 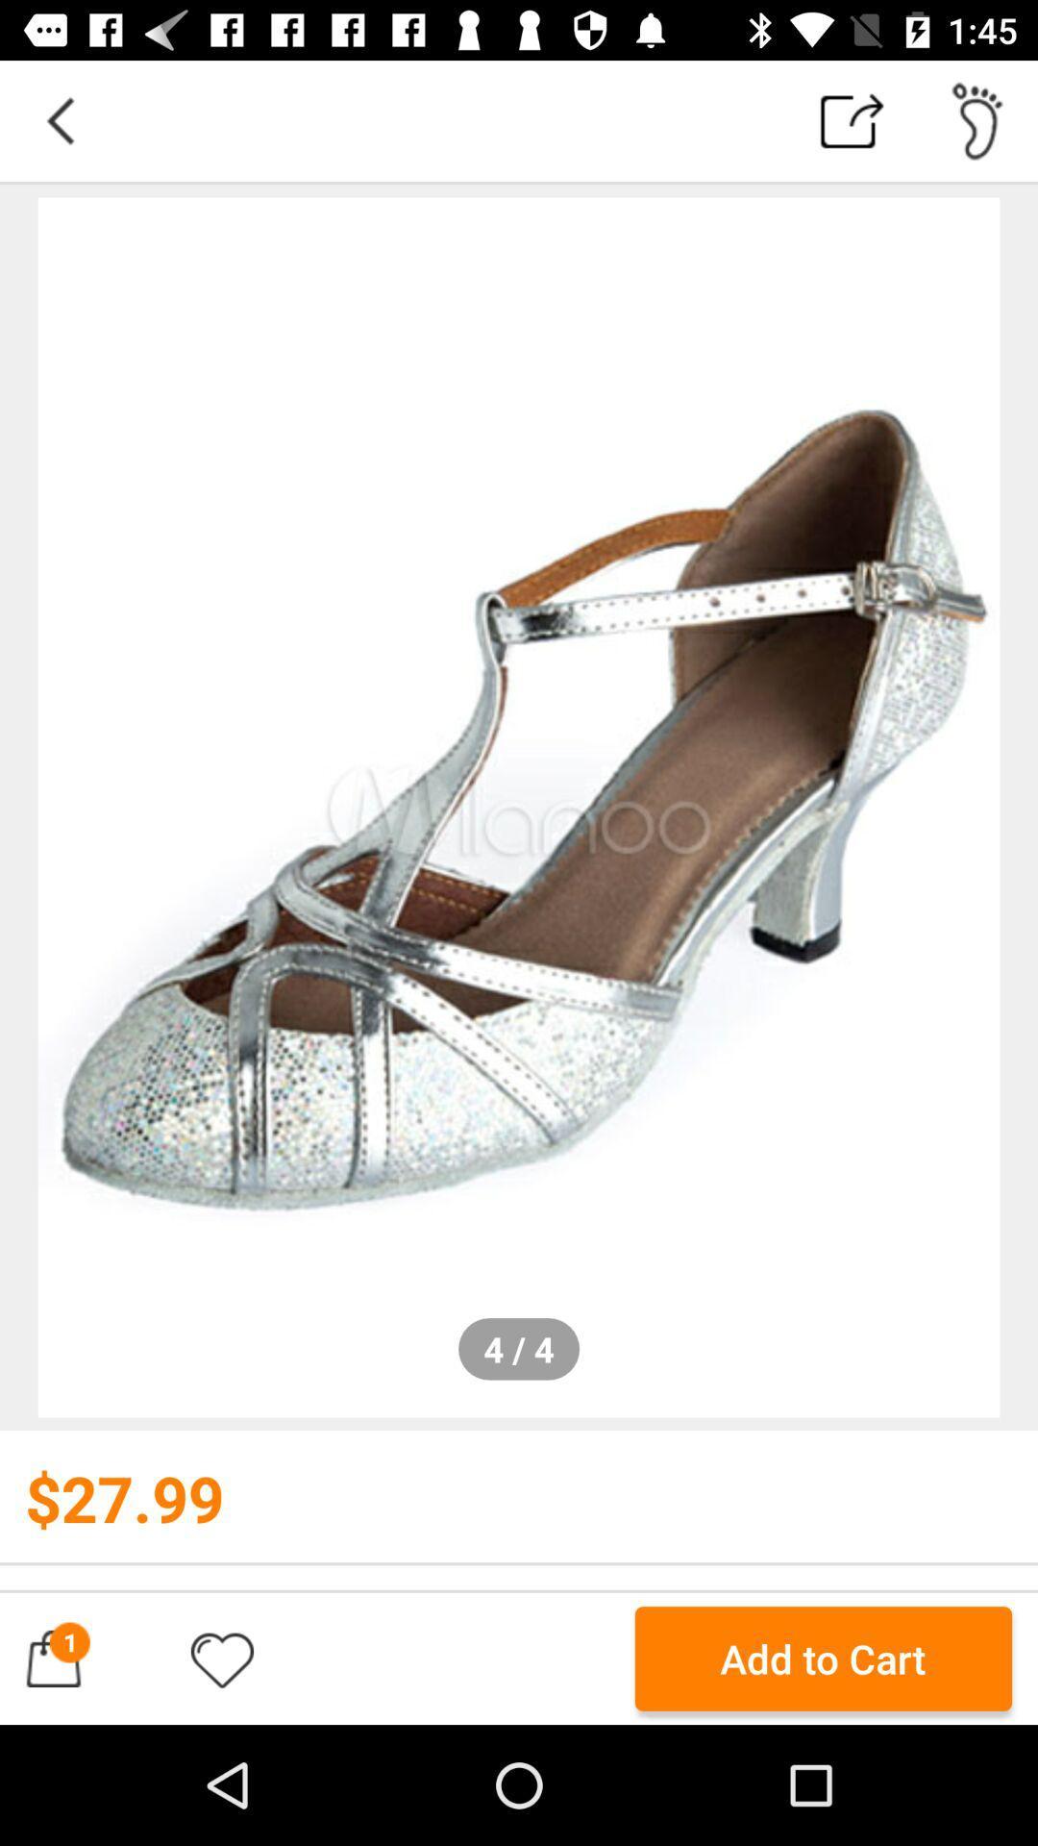 What do you see at coordinates (221, 1658) in the screenshot?
I see `the favorite icon` at bounding box center [221, 1658].